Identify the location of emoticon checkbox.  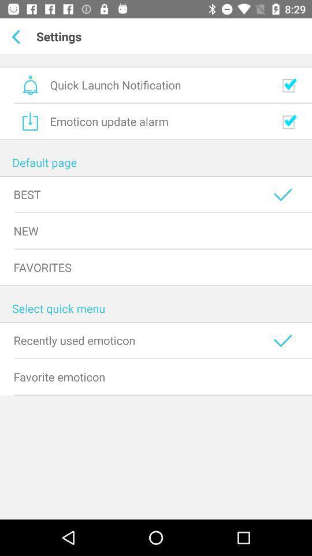
(288, 122).